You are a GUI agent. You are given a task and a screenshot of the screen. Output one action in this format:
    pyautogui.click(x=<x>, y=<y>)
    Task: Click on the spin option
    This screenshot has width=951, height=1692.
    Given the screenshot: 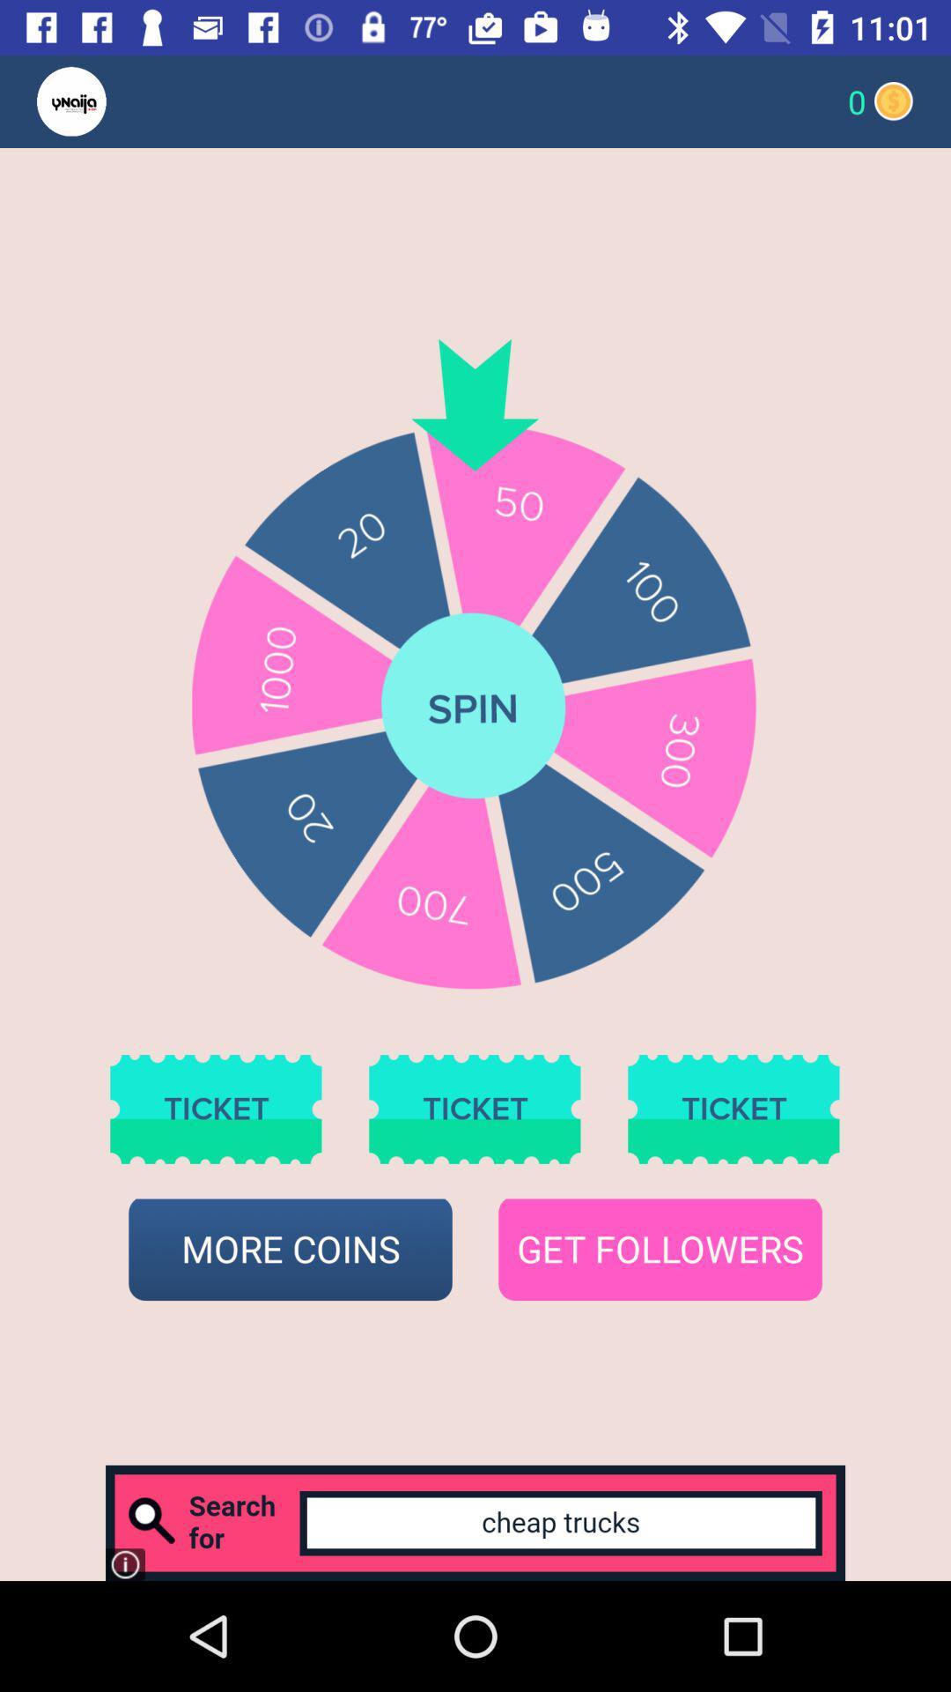 What is the action you would take?
    pyautogui.click(x=474, y=708)
    